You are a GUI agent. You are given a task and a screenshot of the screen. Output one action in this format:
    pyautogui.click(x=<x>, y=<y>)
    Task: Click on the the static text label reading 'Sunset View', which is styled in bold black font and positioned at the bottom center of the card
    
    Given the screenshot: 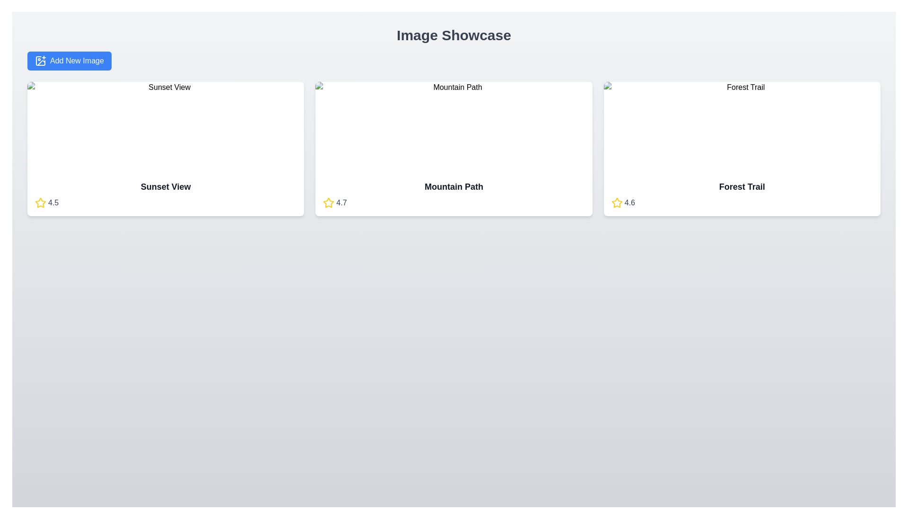 What is the action you would take?
    pyautogui.click(x=166, y=186)
    